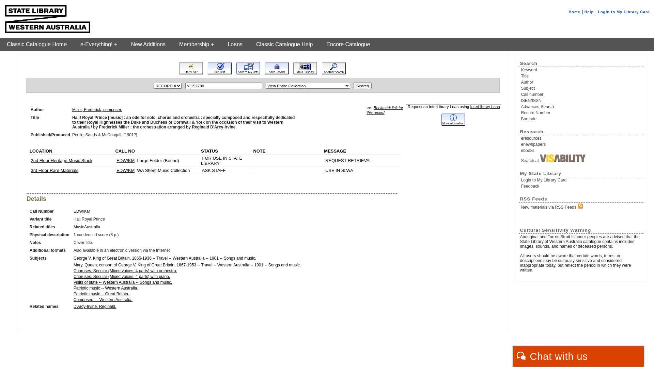  I want to click on 'Miller, Frederick, composer.', so click(97, 109).